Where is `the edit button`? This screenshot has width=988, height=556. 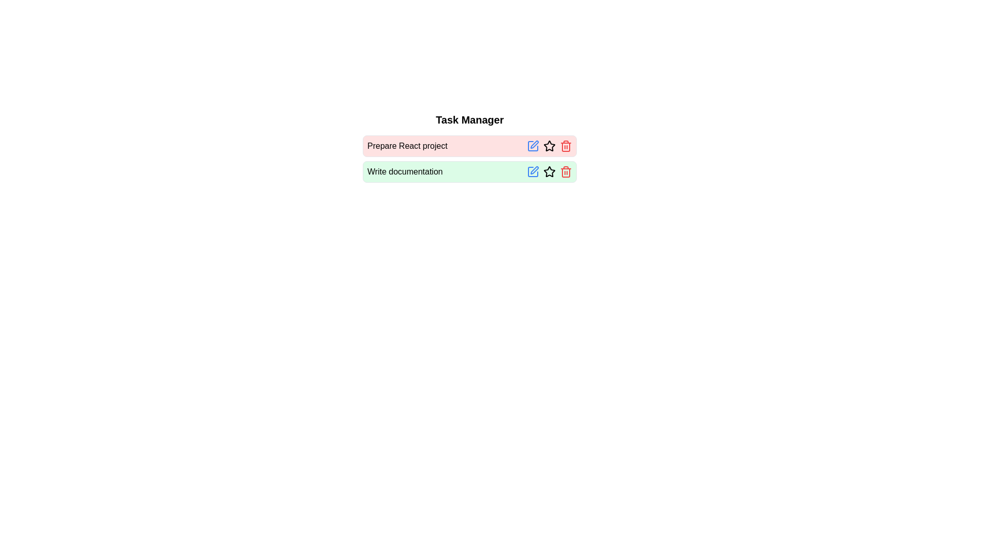 the edit button is located at coordinates (533, 171).